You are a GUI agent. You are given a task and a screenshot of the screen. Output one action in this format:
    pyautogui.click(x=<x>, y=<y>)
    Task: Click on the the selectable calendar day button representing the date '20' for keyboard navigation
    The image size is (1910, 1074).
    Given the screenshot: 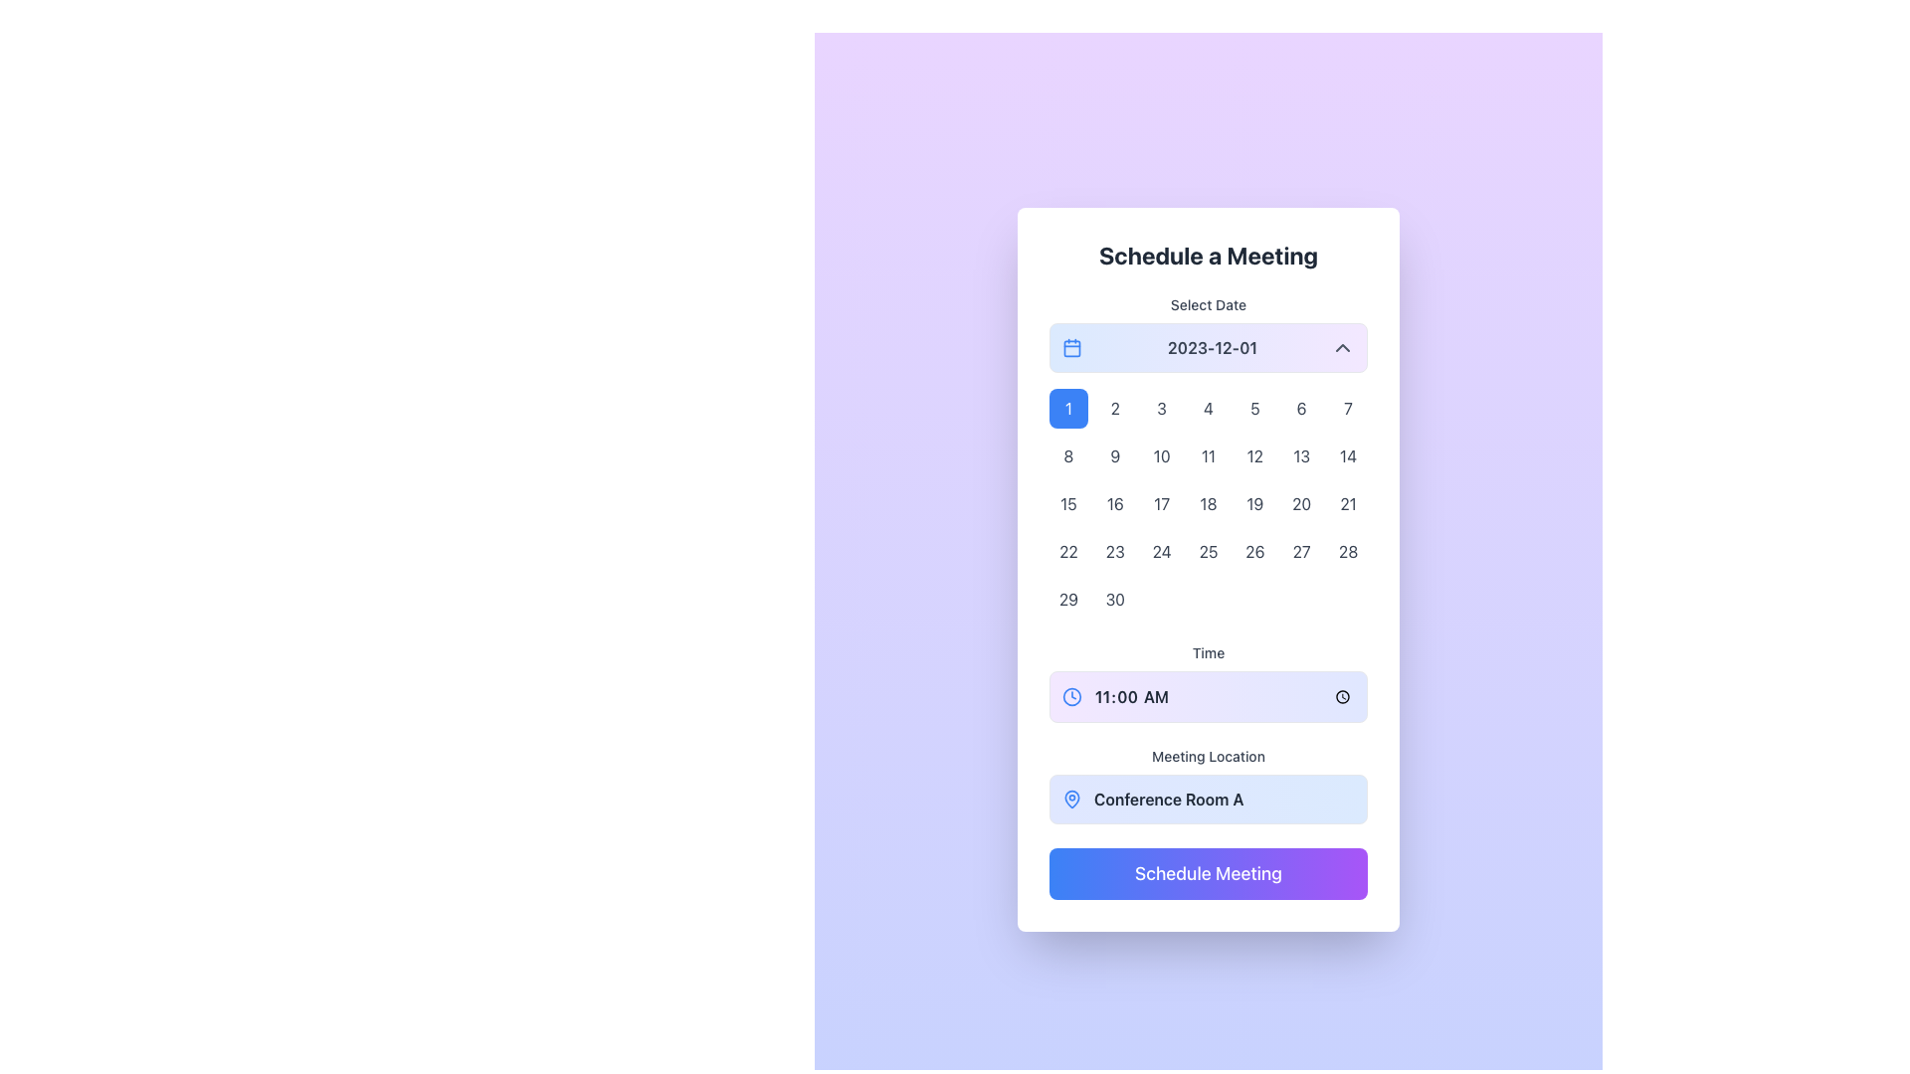 What is the action you would take?
    pyautogui.click(x=1301, y=502)
    